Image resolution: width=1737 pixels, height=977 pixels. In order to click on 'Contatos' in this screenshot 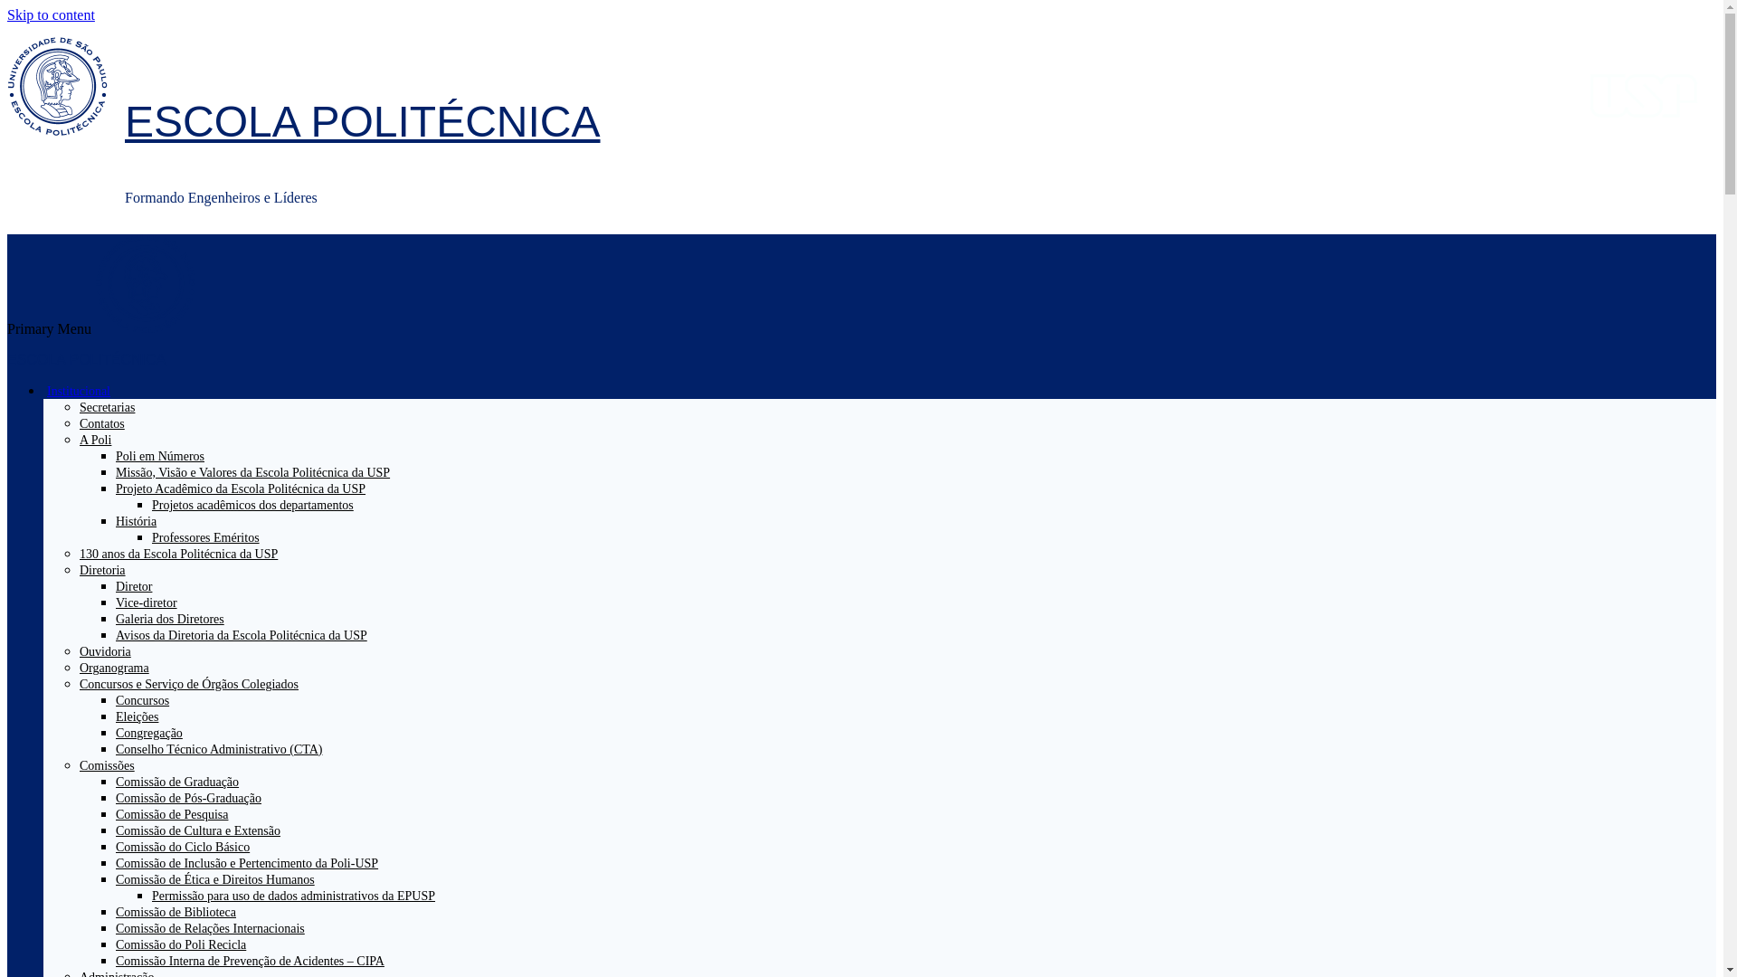, I will do `click(101, 423)`.